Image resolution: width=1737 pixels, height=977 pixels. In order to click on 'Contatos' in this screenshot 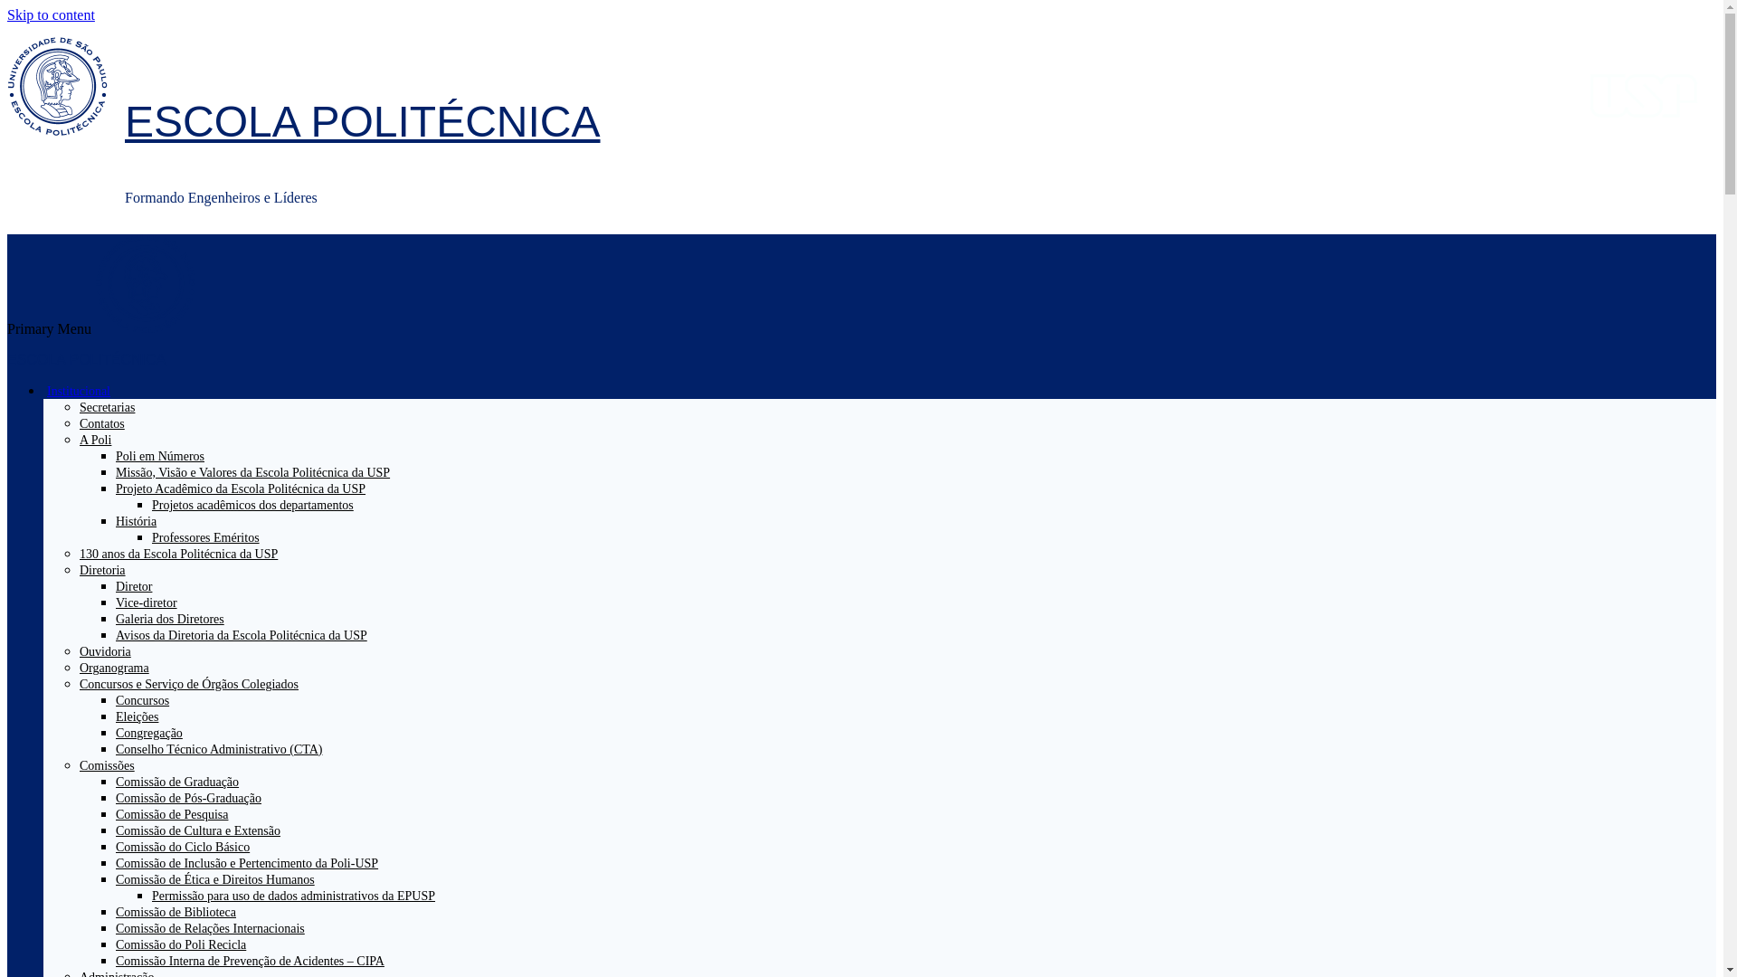, I will do `click(101, 423)`.